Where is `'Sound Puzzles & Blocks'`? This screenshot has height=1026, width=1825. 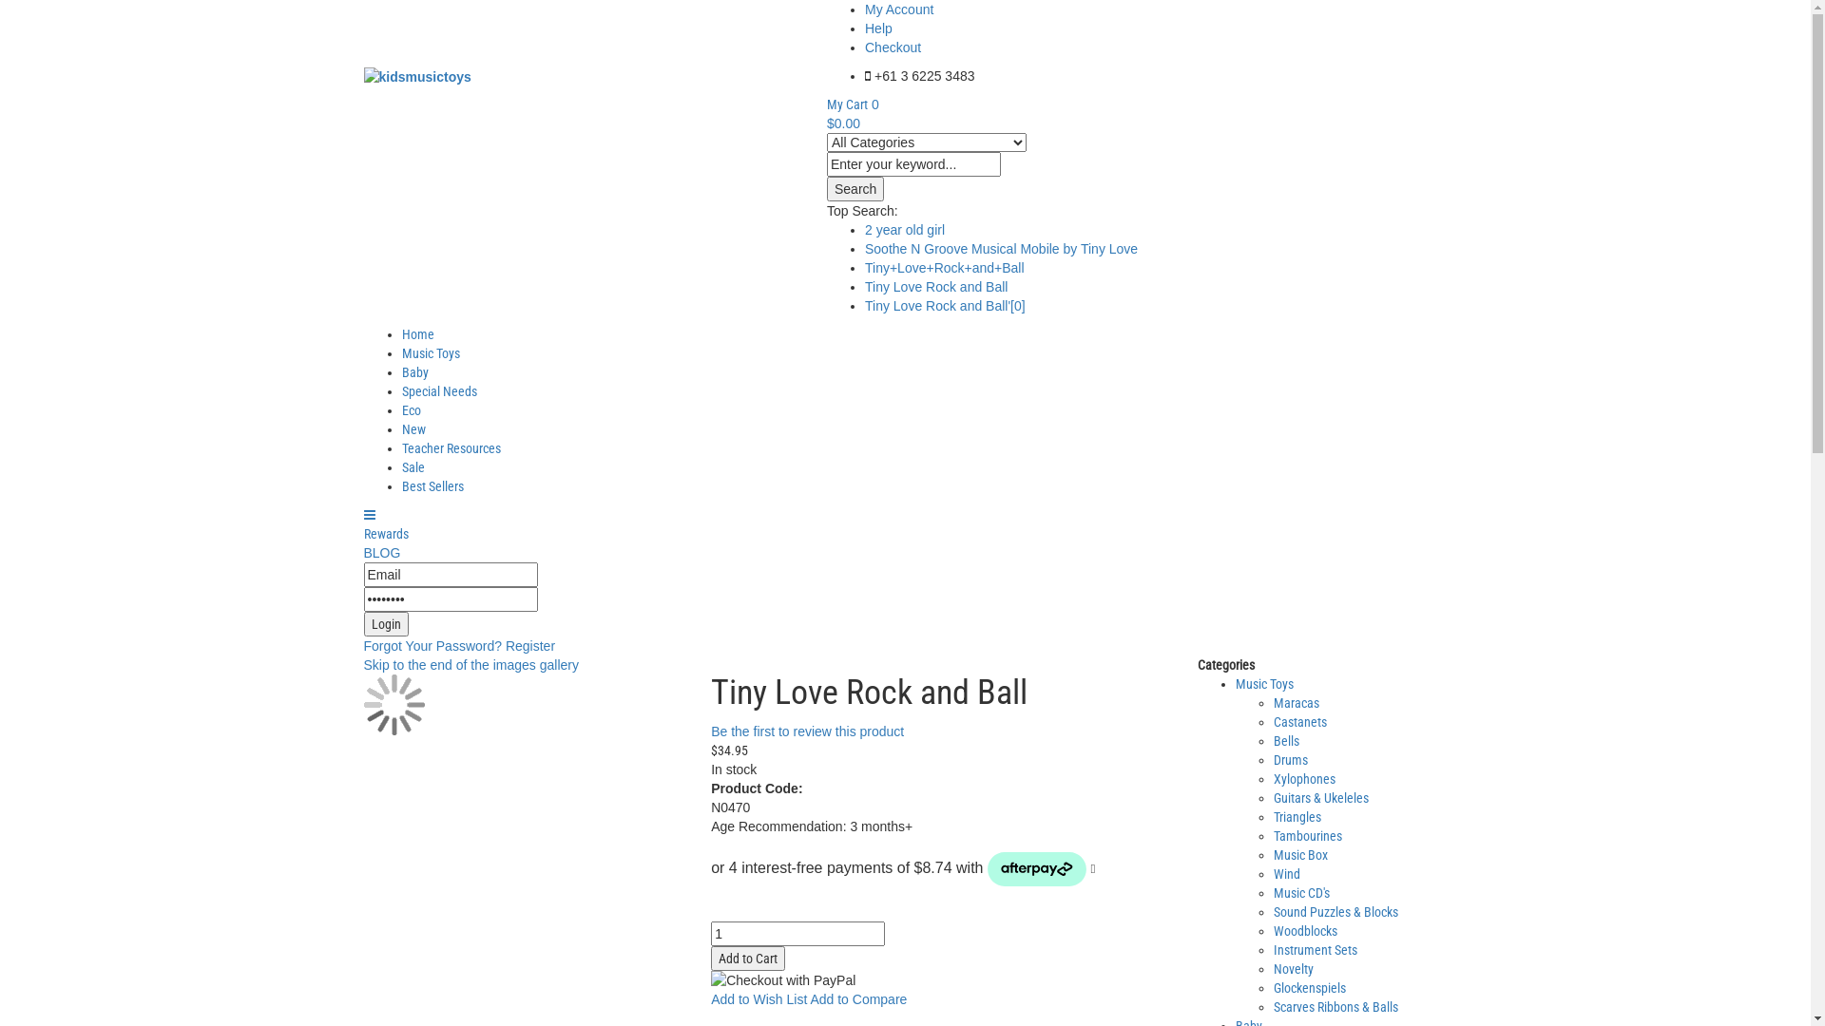
'Sound Puzzles & Blocks' is located at coordinates (1335, 911).